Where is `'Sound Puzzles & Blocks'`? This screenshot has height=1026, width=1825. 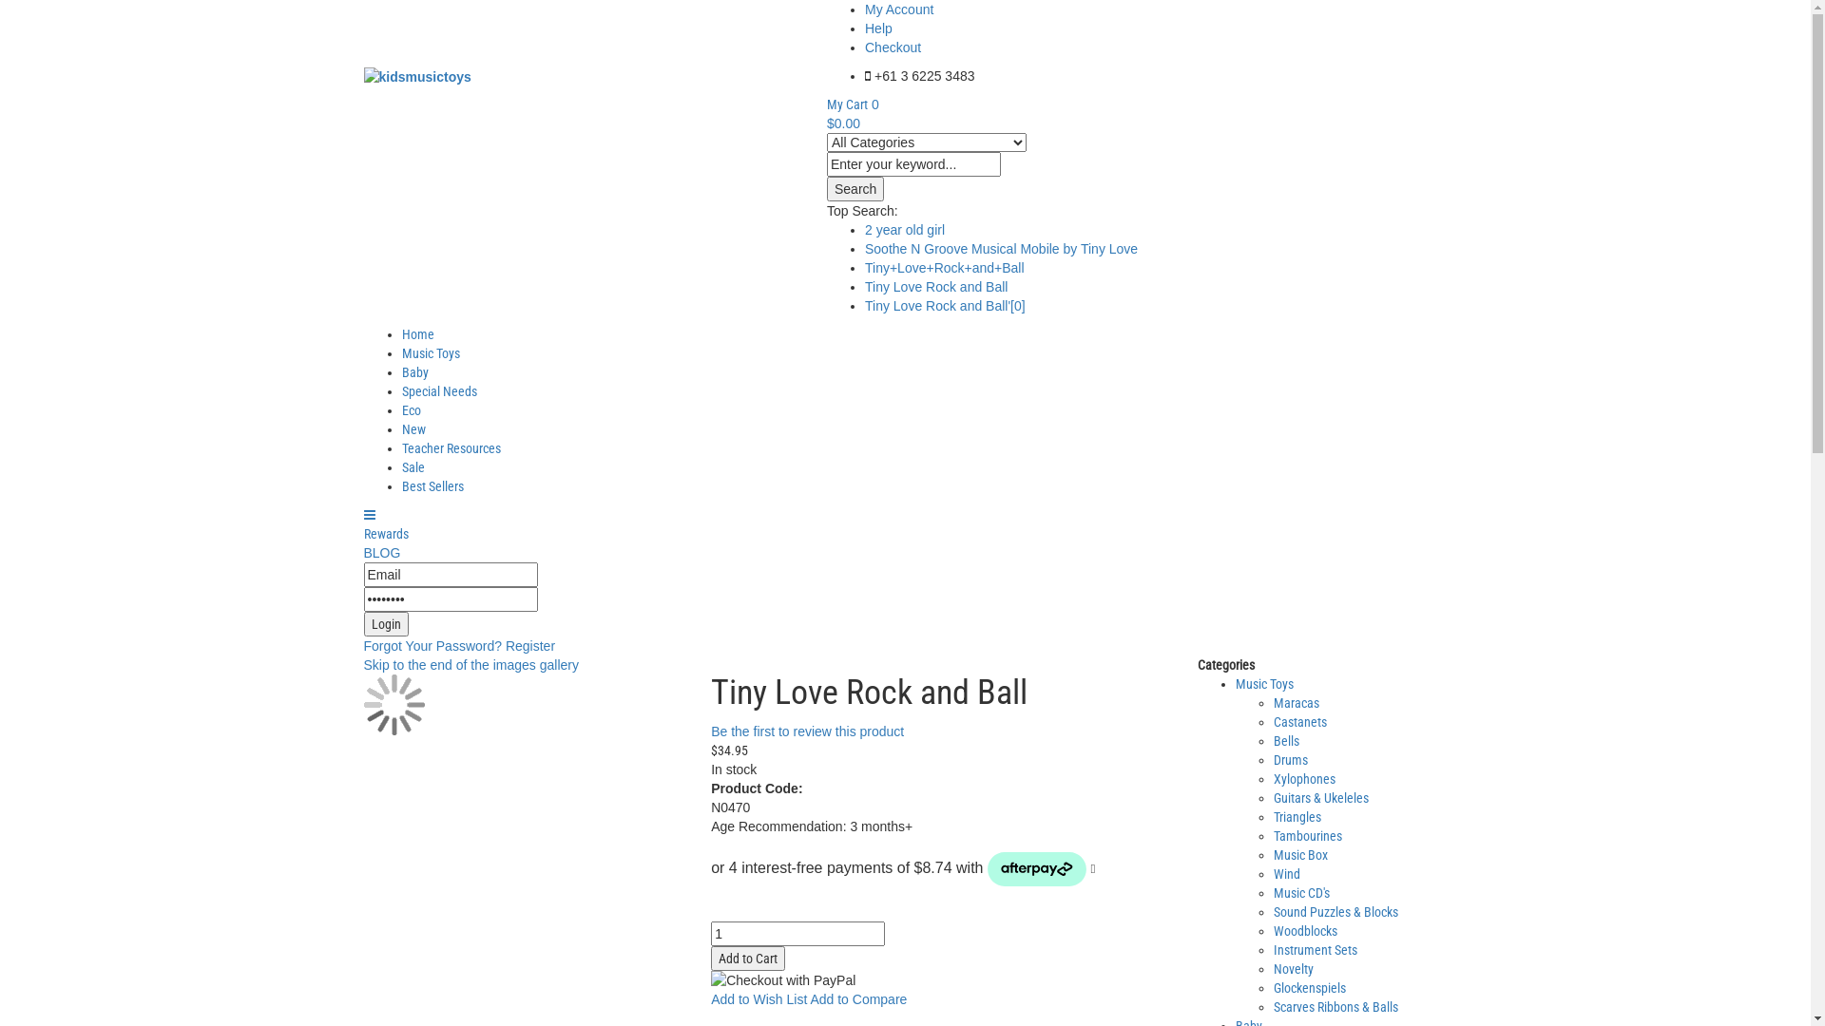
'Sound Puzzles & Blocks' is located at coordinates (1335, 911).